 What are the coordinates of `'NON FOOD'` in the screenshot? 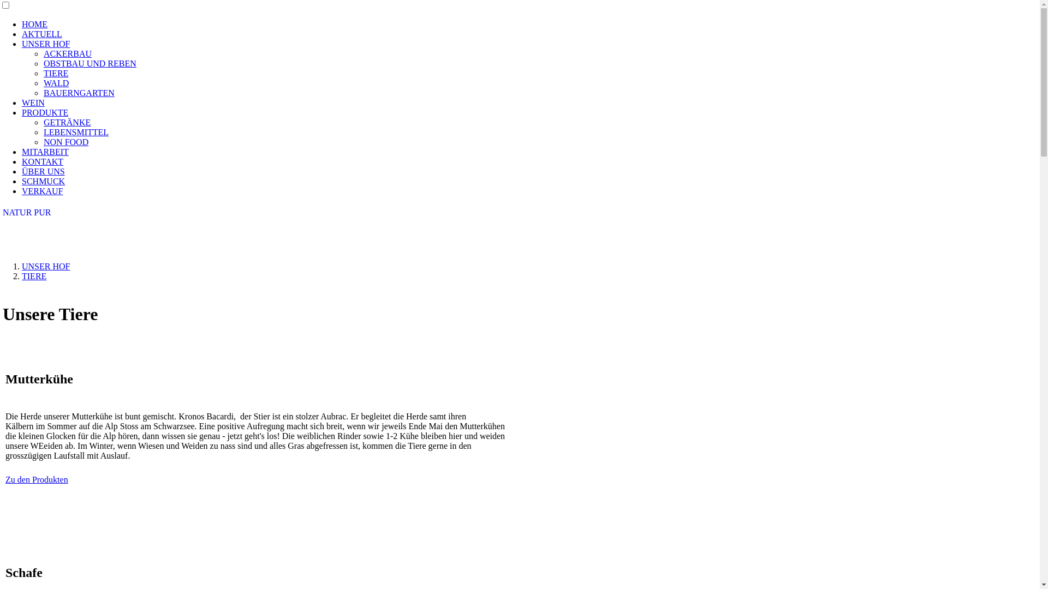 It's located at (65, 141).